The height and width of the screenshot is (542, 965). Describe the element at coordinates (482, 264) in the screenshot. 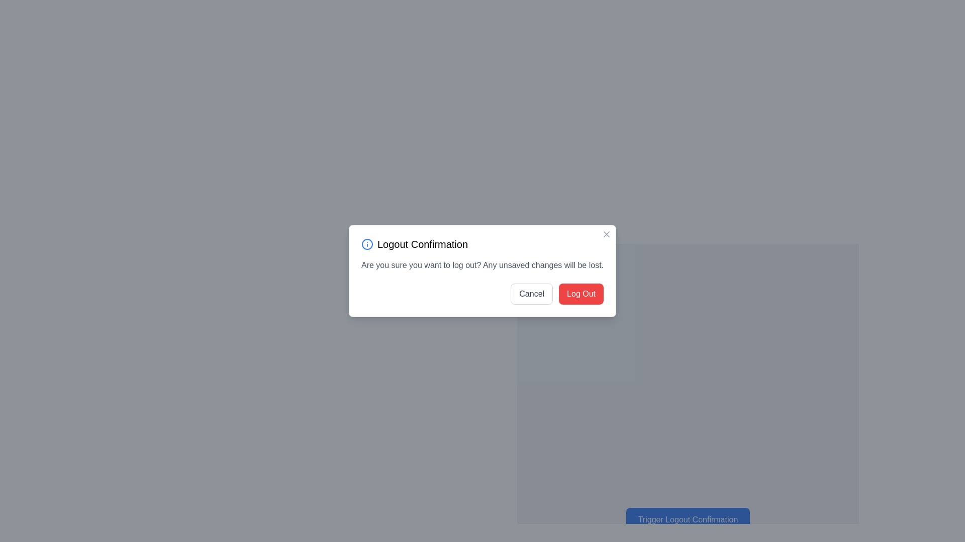

I see `the static text label displaying the message 'Are you sure you want to log out? Any unsaved changes will be lost.' located in the 'Logout Confirmation' modal dialog` at that location.